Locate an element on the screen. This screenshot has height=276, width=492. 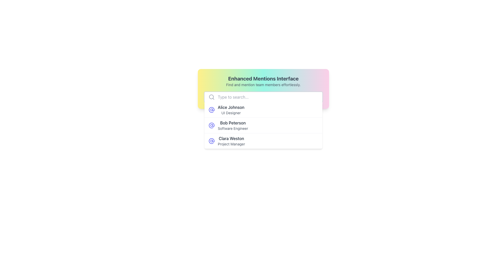
the second selectable option in the menu list, which represents a team member's name and role is located at coordinates (233, 125).